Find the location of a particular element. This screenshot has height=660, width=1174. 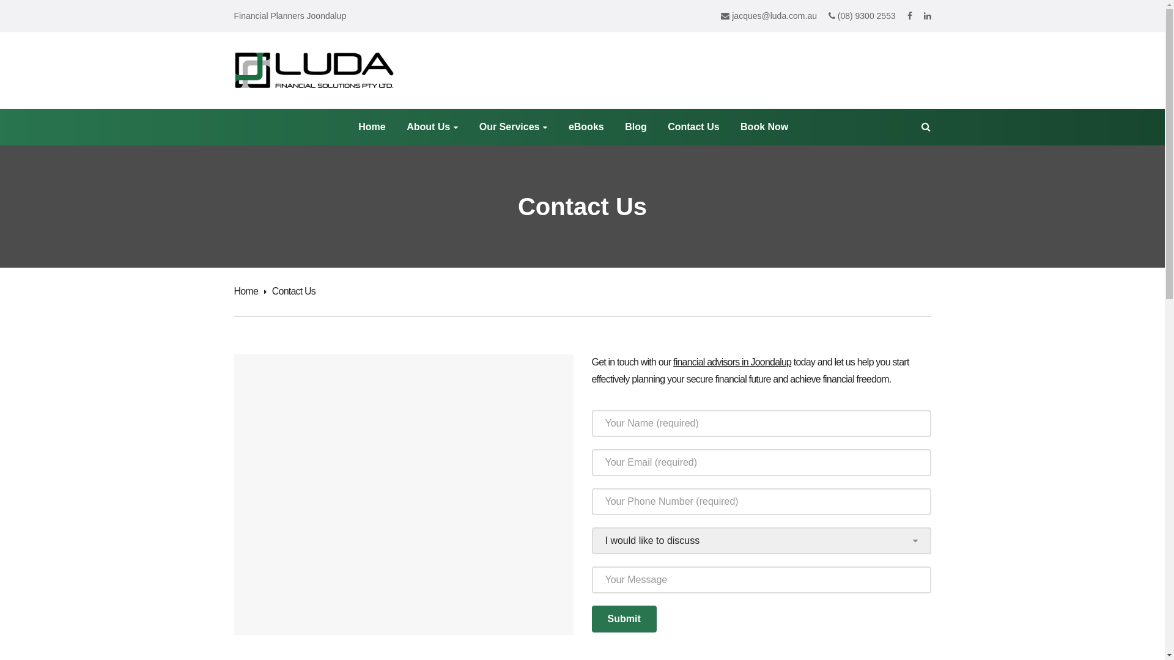

'financial advisors in Joondalup' is located at coordinates (672, 361).